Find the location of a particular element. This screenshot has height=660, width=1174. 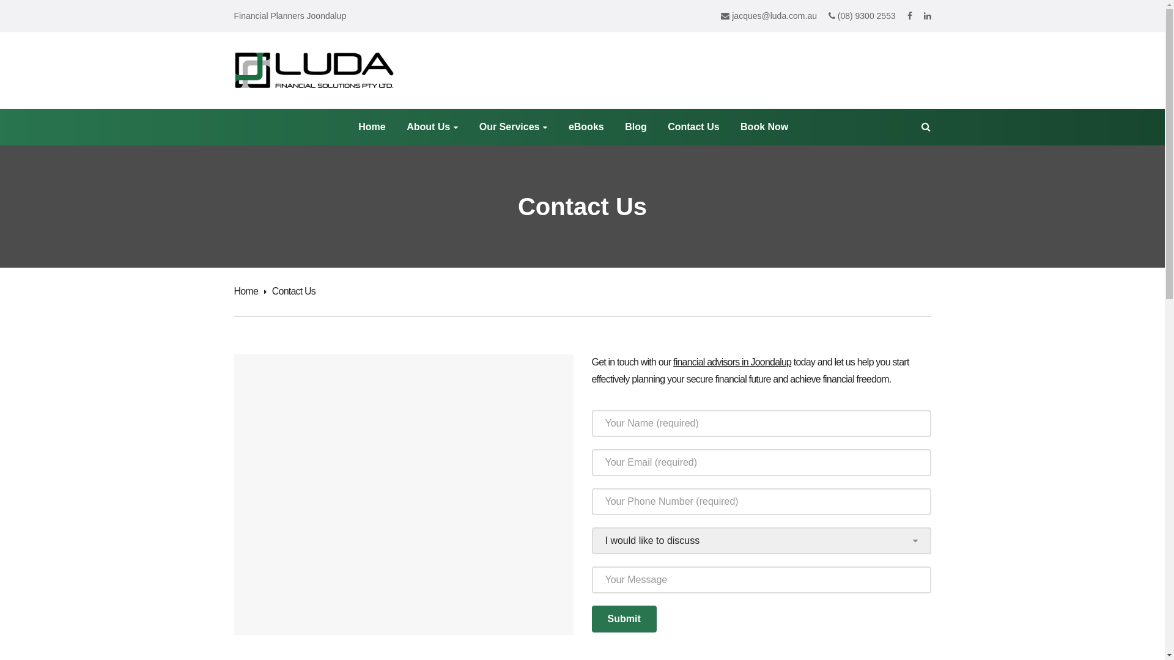

'financial advisors in Joondalup' is located at coordinates (672, 361).